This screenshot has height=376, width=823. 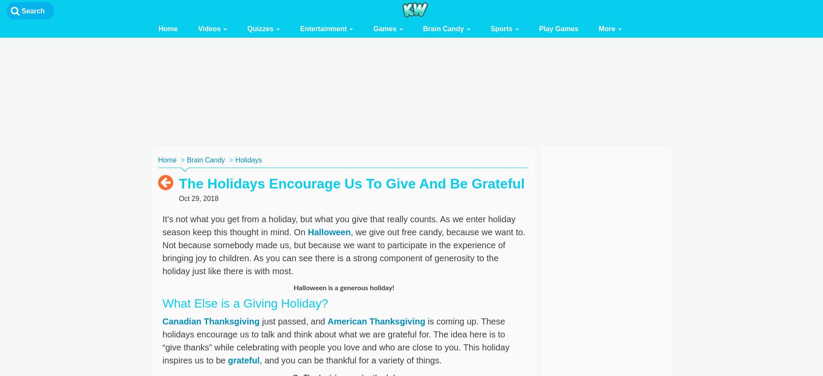 I want to click on 'More', so click(x=607, y=29).